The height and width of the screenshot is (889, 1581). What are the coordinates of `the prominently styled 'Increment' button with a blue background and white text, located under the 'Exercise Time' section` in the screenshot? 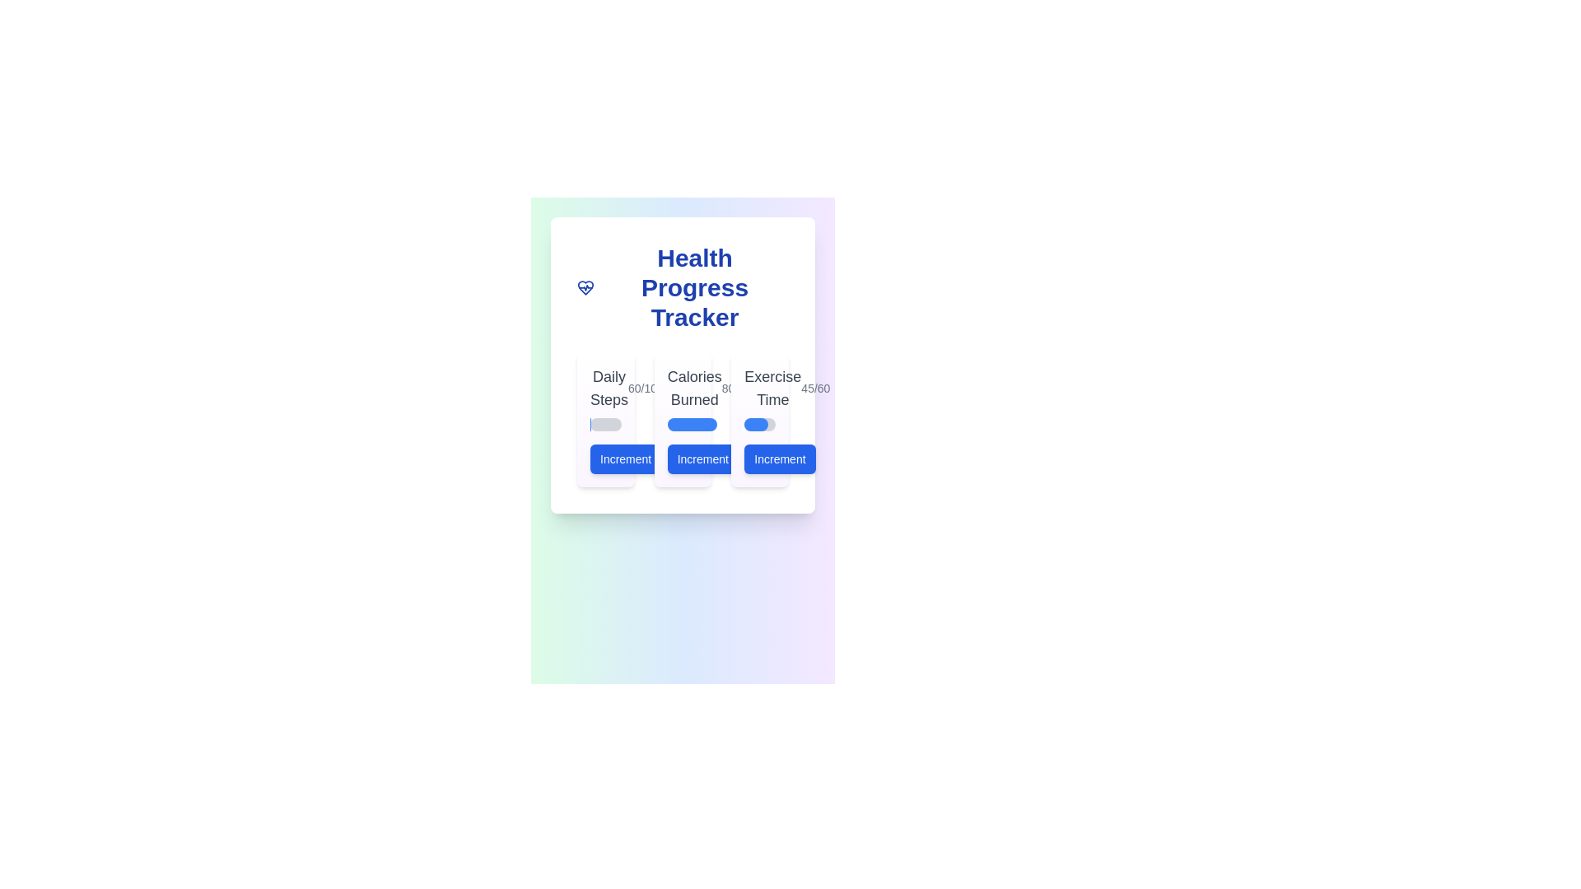 It's located at (758, 459).